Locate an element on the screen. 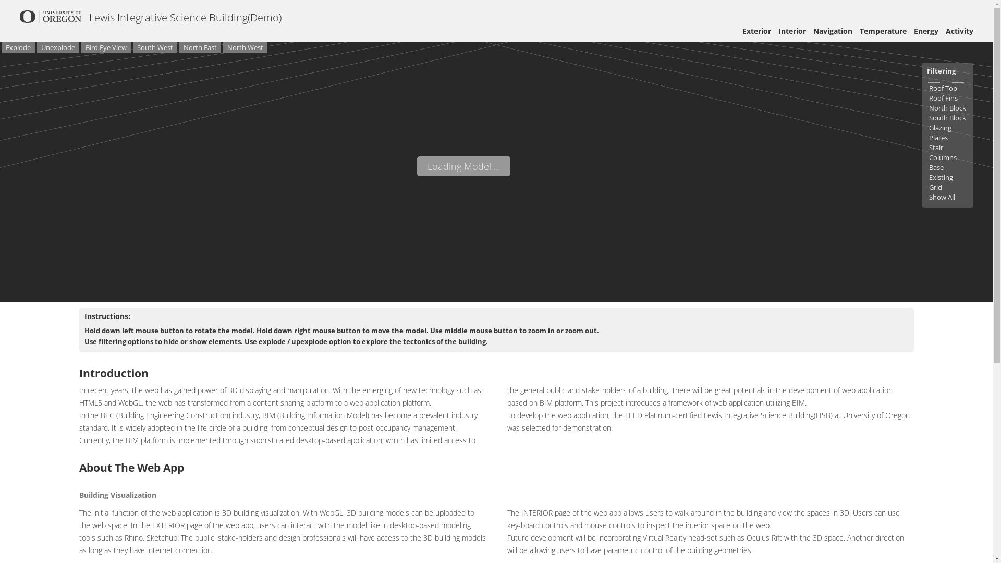 This screenshot has width=1001, height=563. 'Lewis Integrative Science Building(Demo)' is located at coordinates (89, 17).